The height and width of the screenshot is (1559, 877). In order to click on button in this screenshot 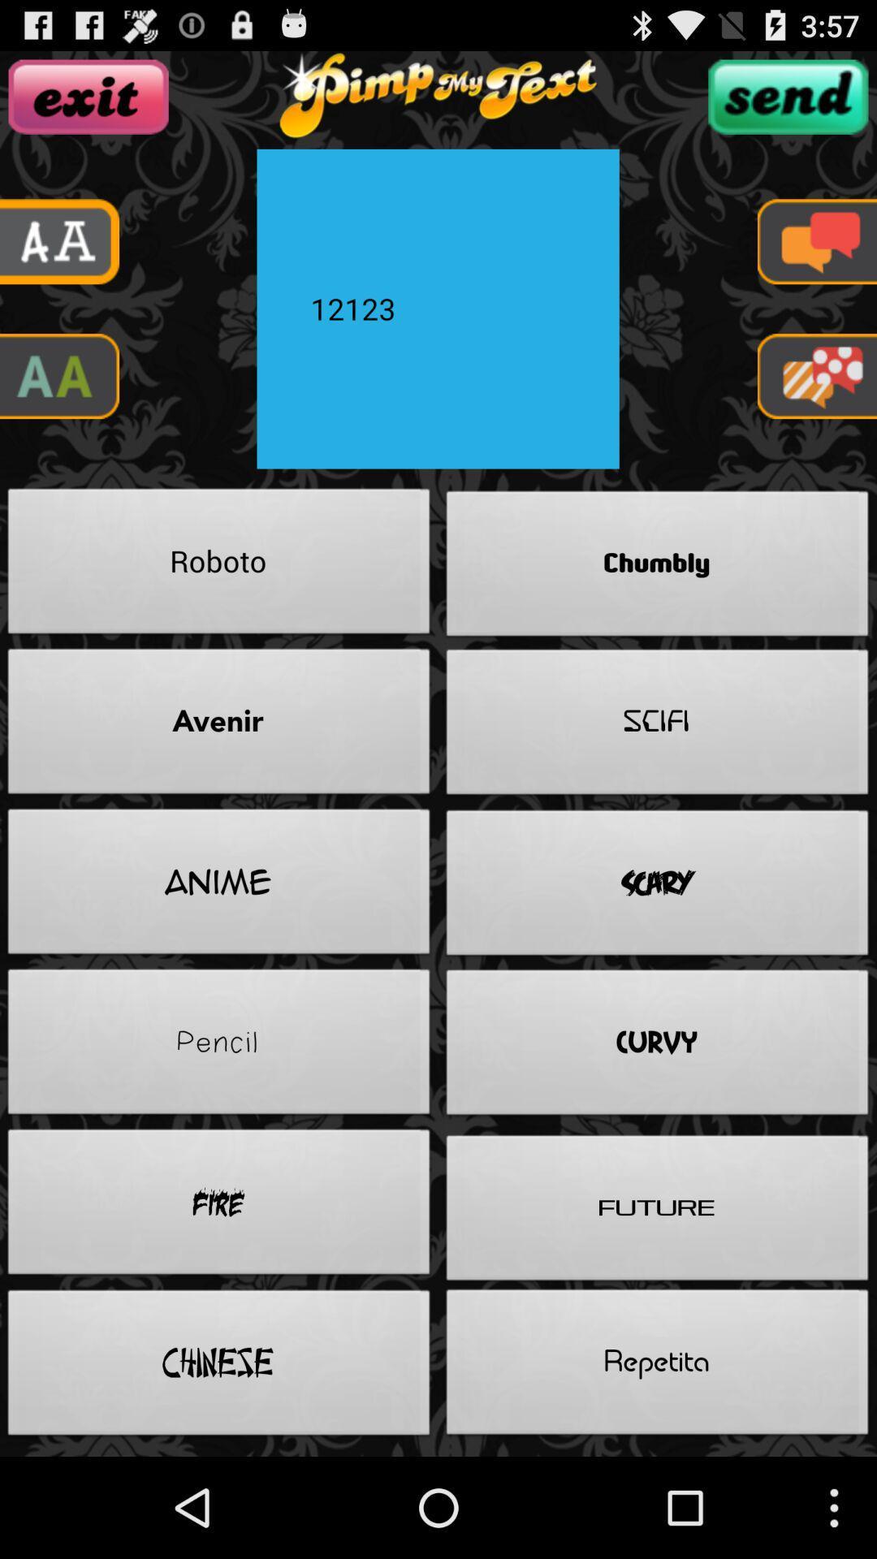, I will do `click(89, 96)`.